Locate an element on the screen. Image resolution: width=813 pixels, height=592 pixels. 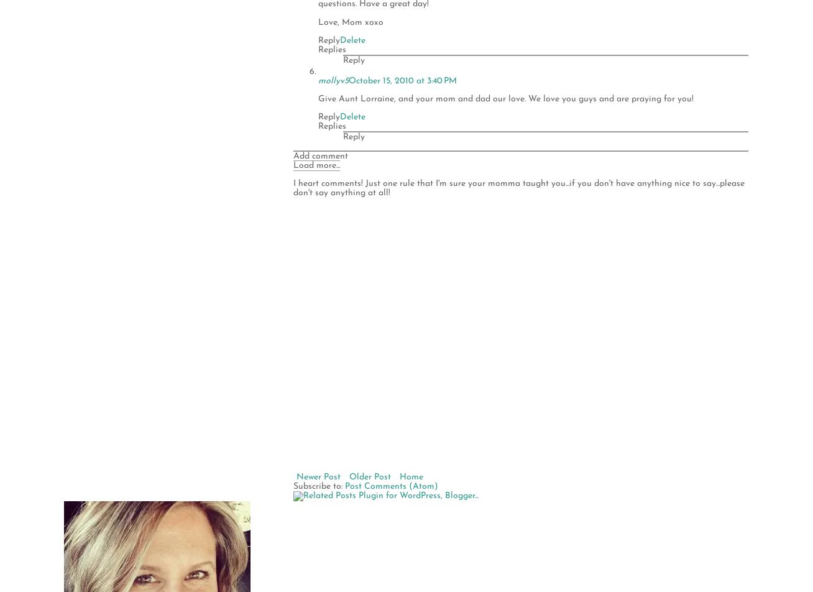
'October 15, 2010 at 3:40 PM' is located at coordinates (402, 80).